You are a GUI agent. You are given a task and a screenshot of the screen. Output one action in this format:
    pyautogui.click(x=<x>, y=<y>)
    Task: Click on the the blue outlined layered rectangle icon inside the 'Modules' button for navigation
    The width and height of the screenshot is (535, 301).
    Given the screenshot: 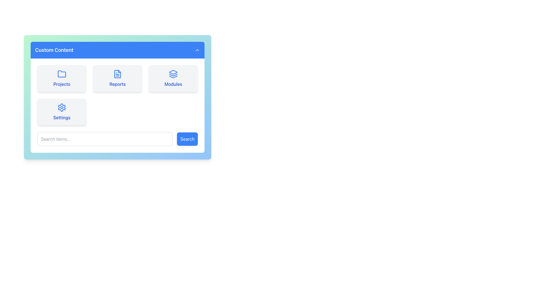 What is the action you would take?
    pyautogui.click(x=173, y=72)
    